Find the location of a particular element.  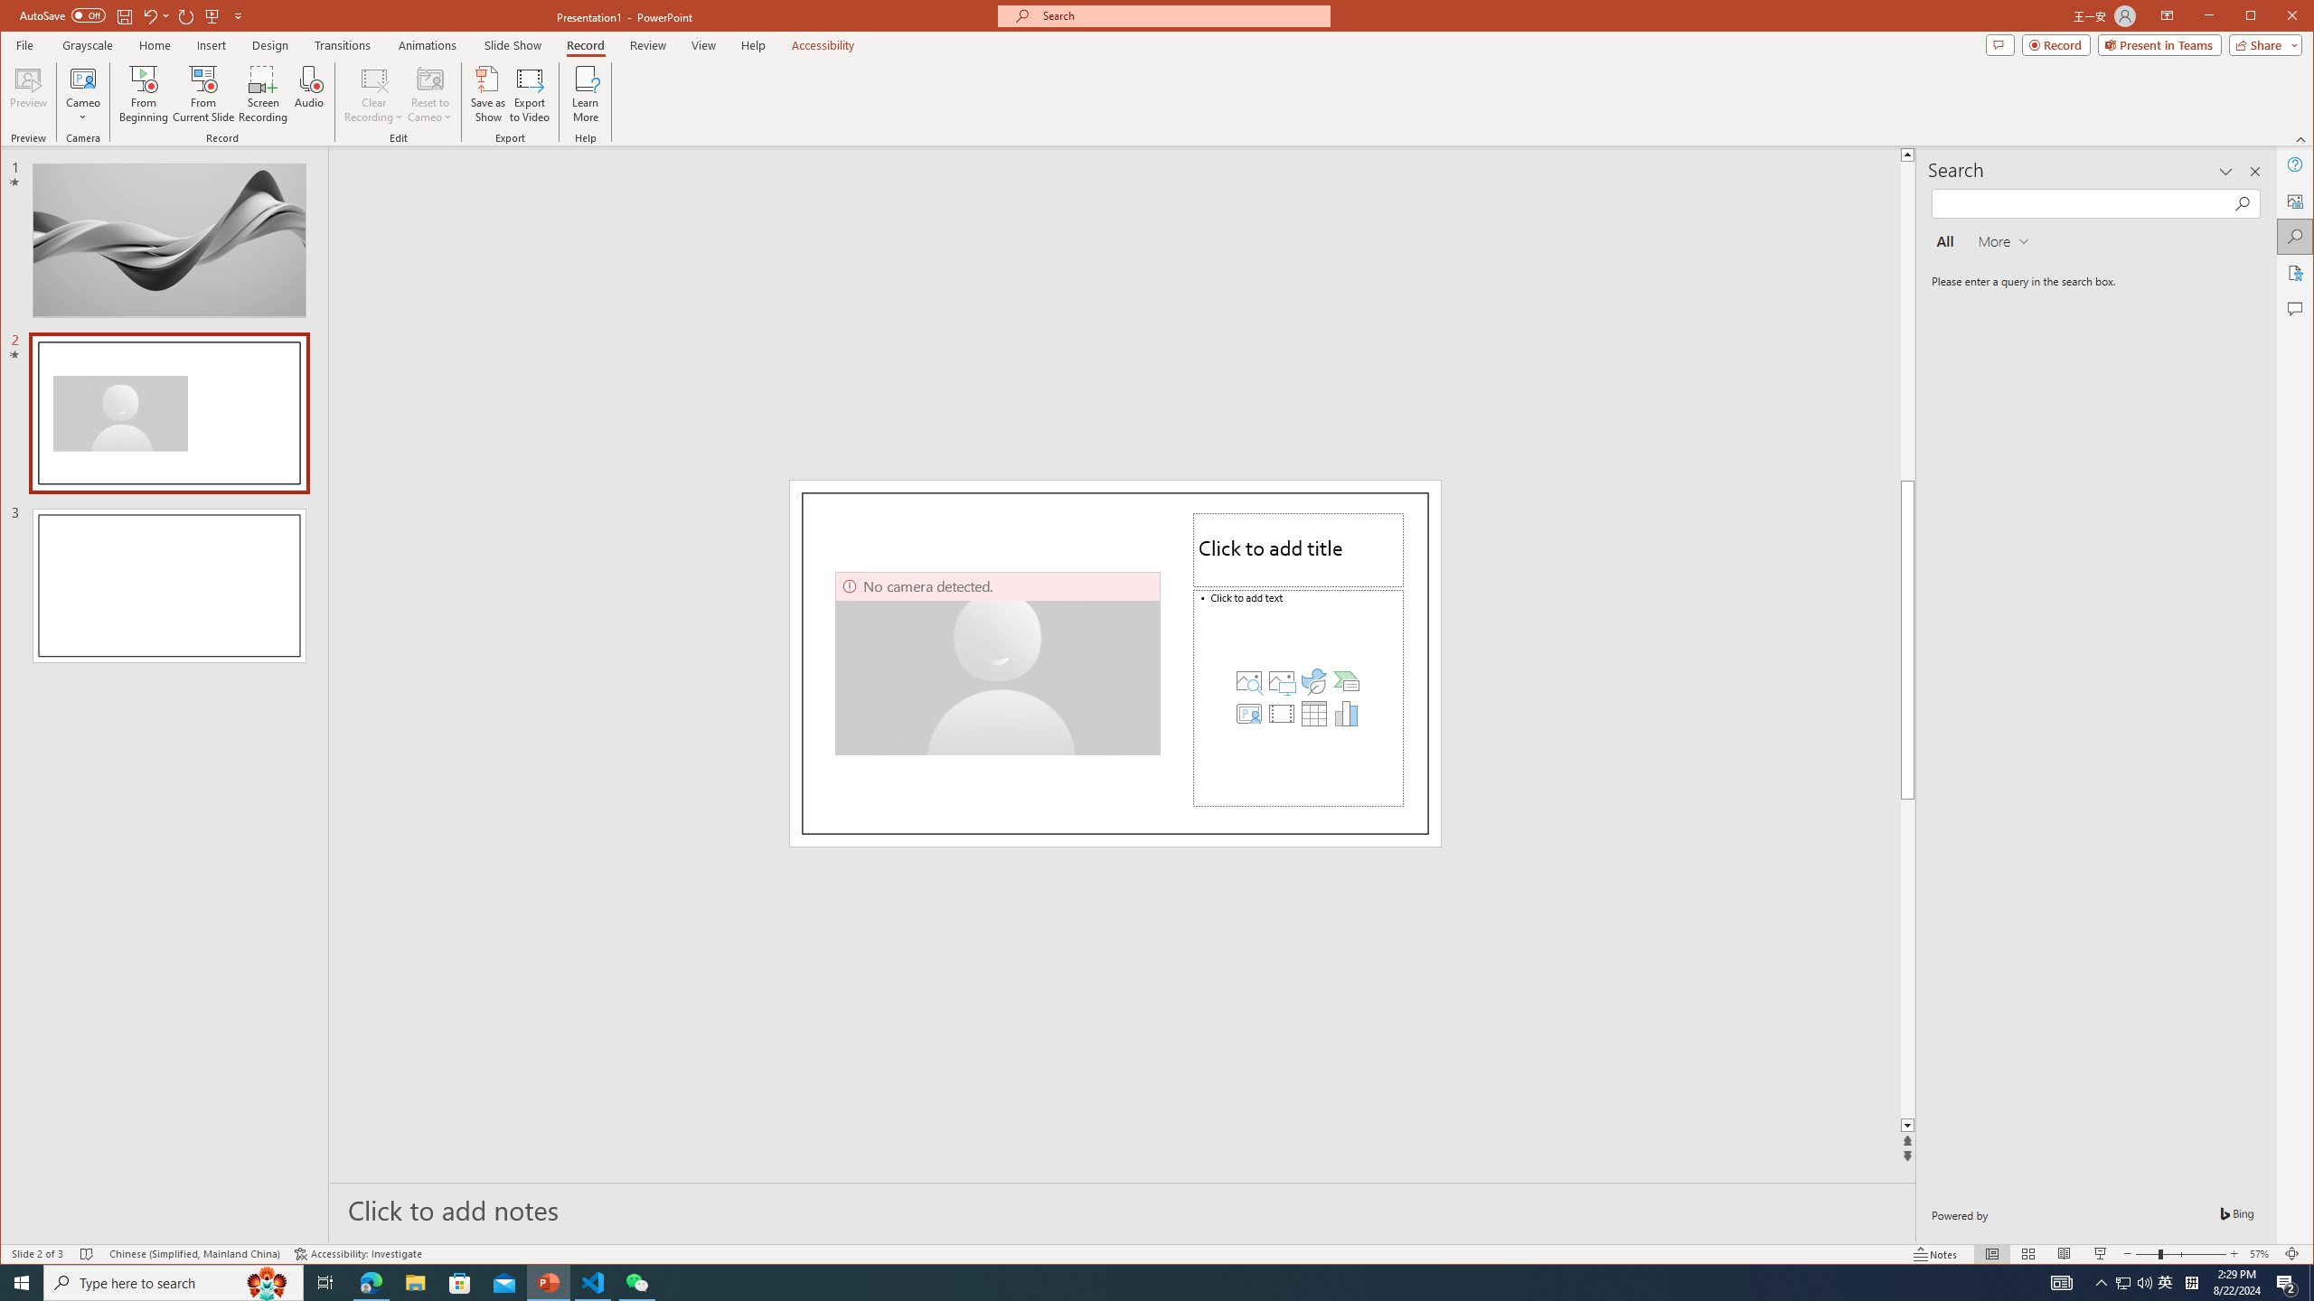

'Camera 4, No camera detected.' is located at coordinates (998, 663).